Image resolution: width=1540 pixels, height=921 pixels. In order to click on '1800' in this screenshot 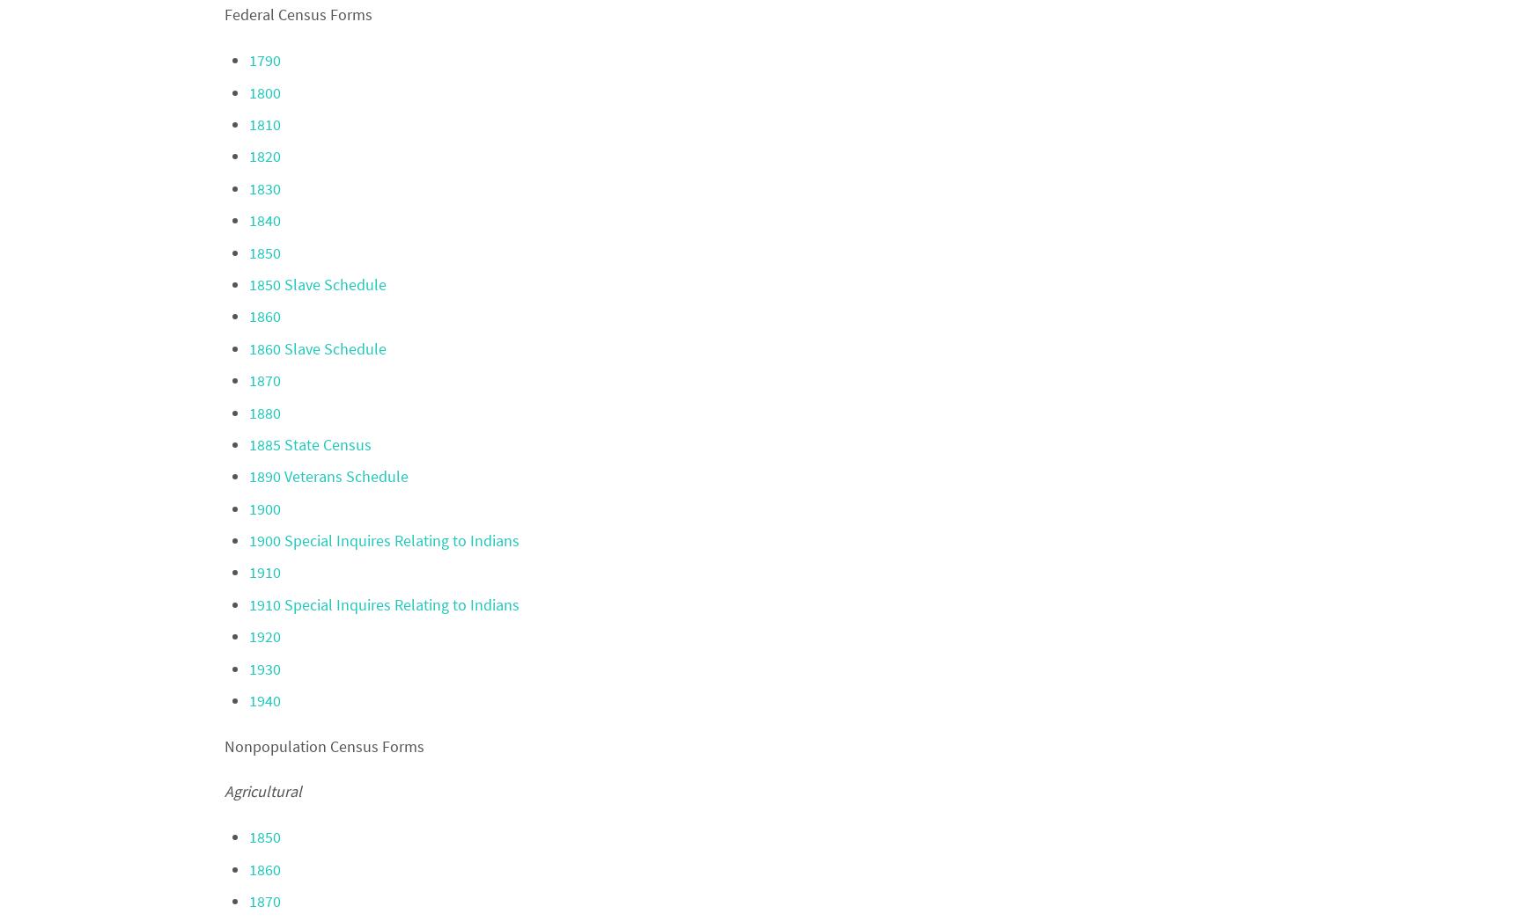, I will do `click(264, 91)`.